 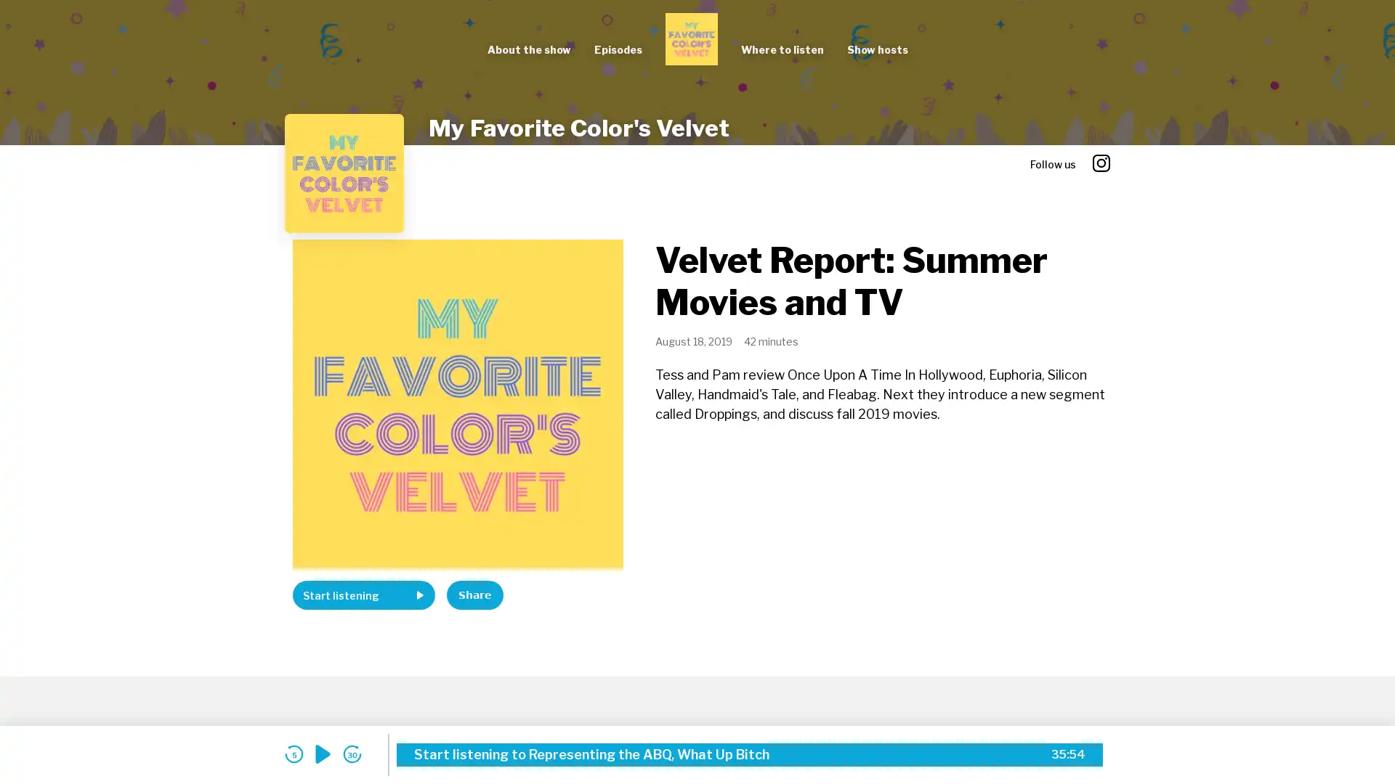 I want to click on play audio, so click(x=323, y=754).